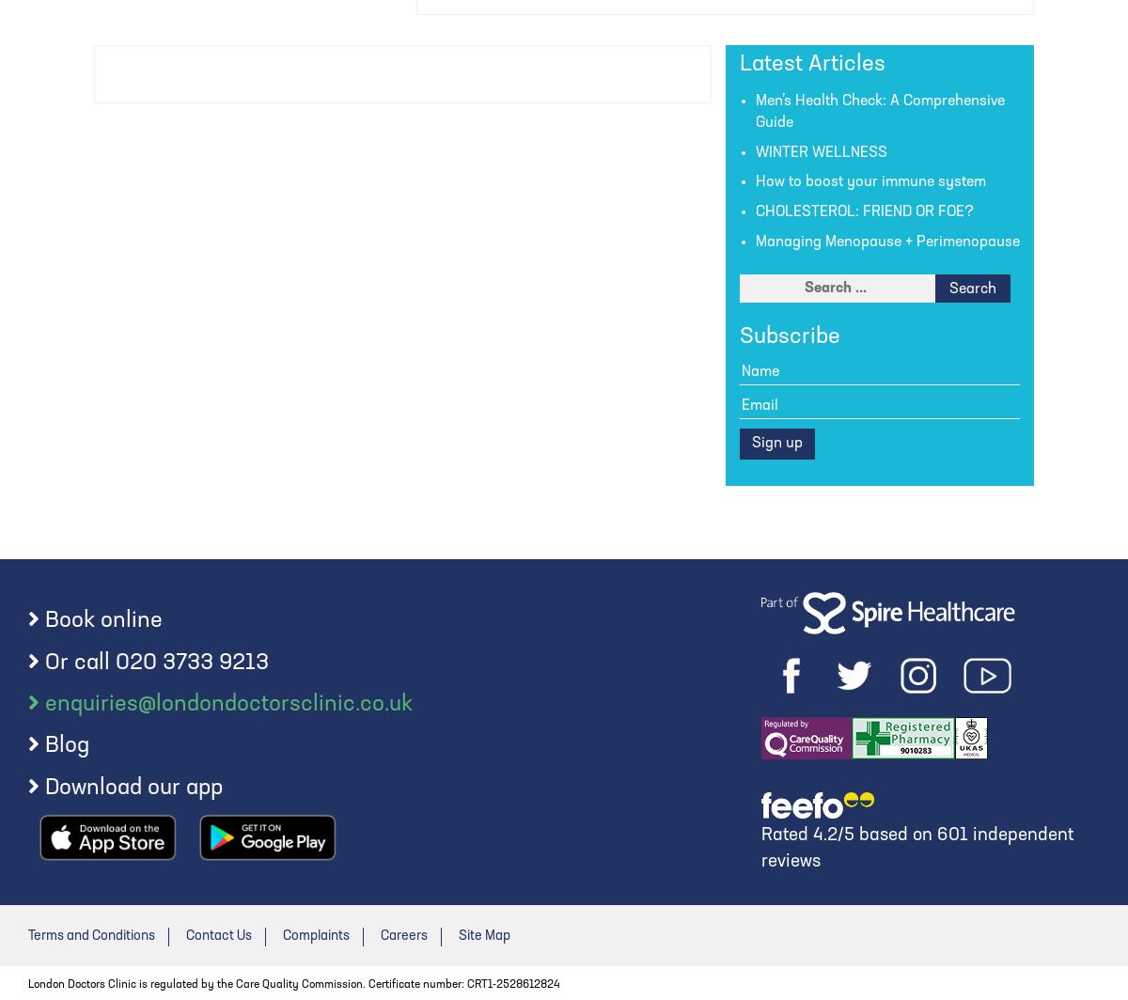  Describe the element at coordinates (67, 745) in the screenshot. I see `'Blog'` at that location.